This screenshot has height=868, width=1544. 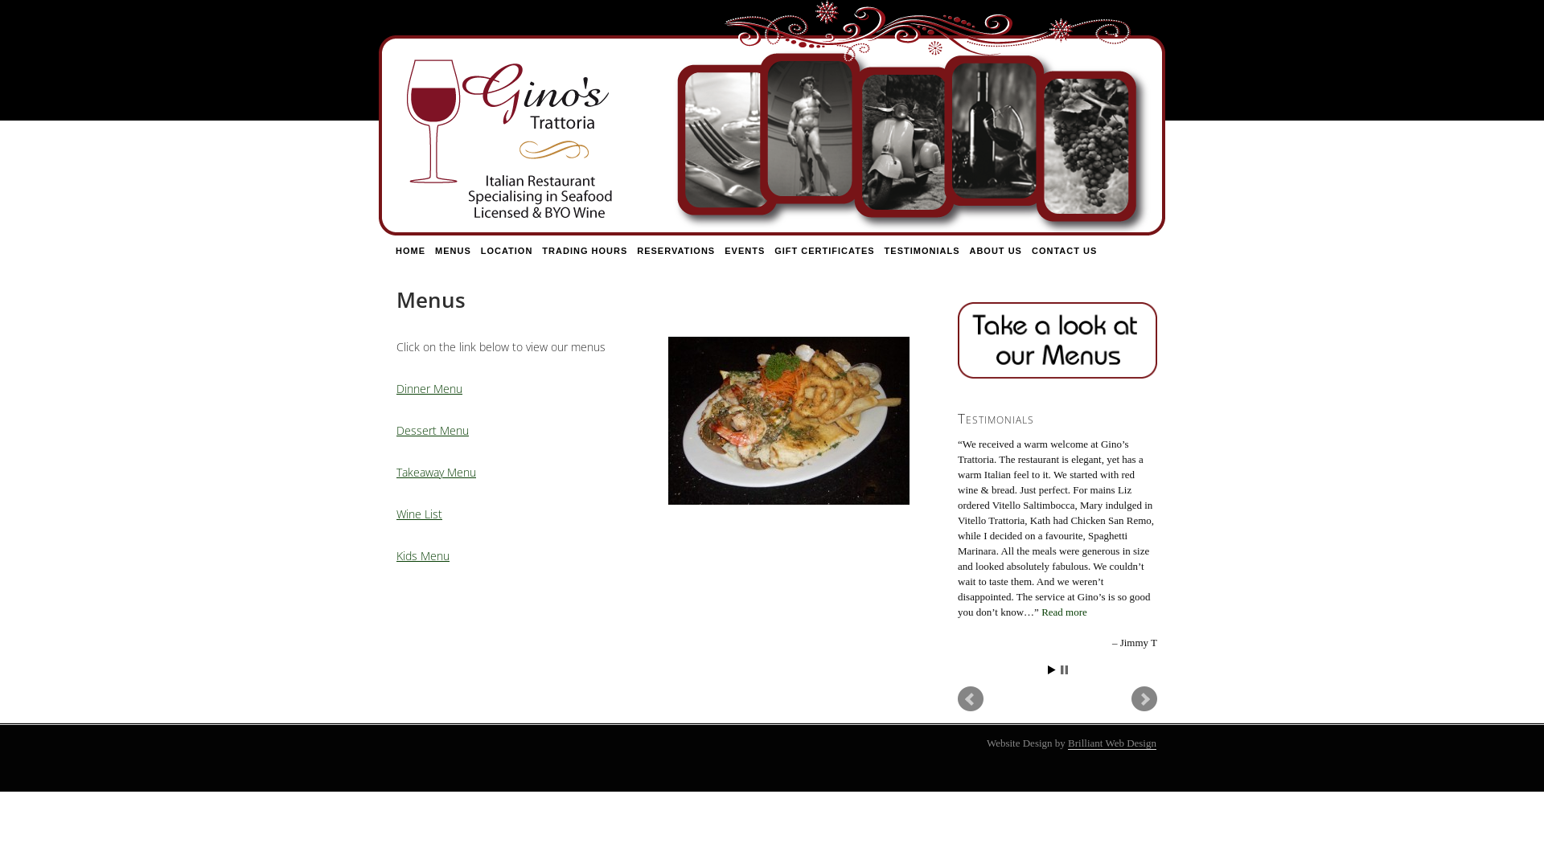 What do you see at coordinates (969, 698) in the screenshot?
I see `'Prev'` at bounding box center [969, 698].